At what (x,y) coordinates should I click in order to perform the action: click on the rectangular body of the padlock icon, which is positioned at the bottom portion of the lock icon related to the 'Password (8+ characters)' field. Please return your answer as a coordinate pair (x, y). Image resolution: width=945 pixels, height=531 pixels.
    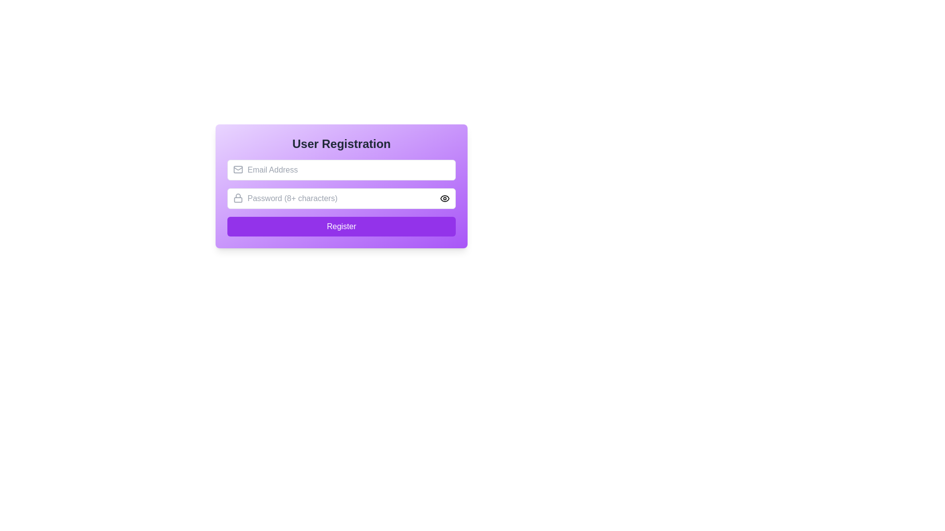
    Looking at the image, I should click on (238, 199).